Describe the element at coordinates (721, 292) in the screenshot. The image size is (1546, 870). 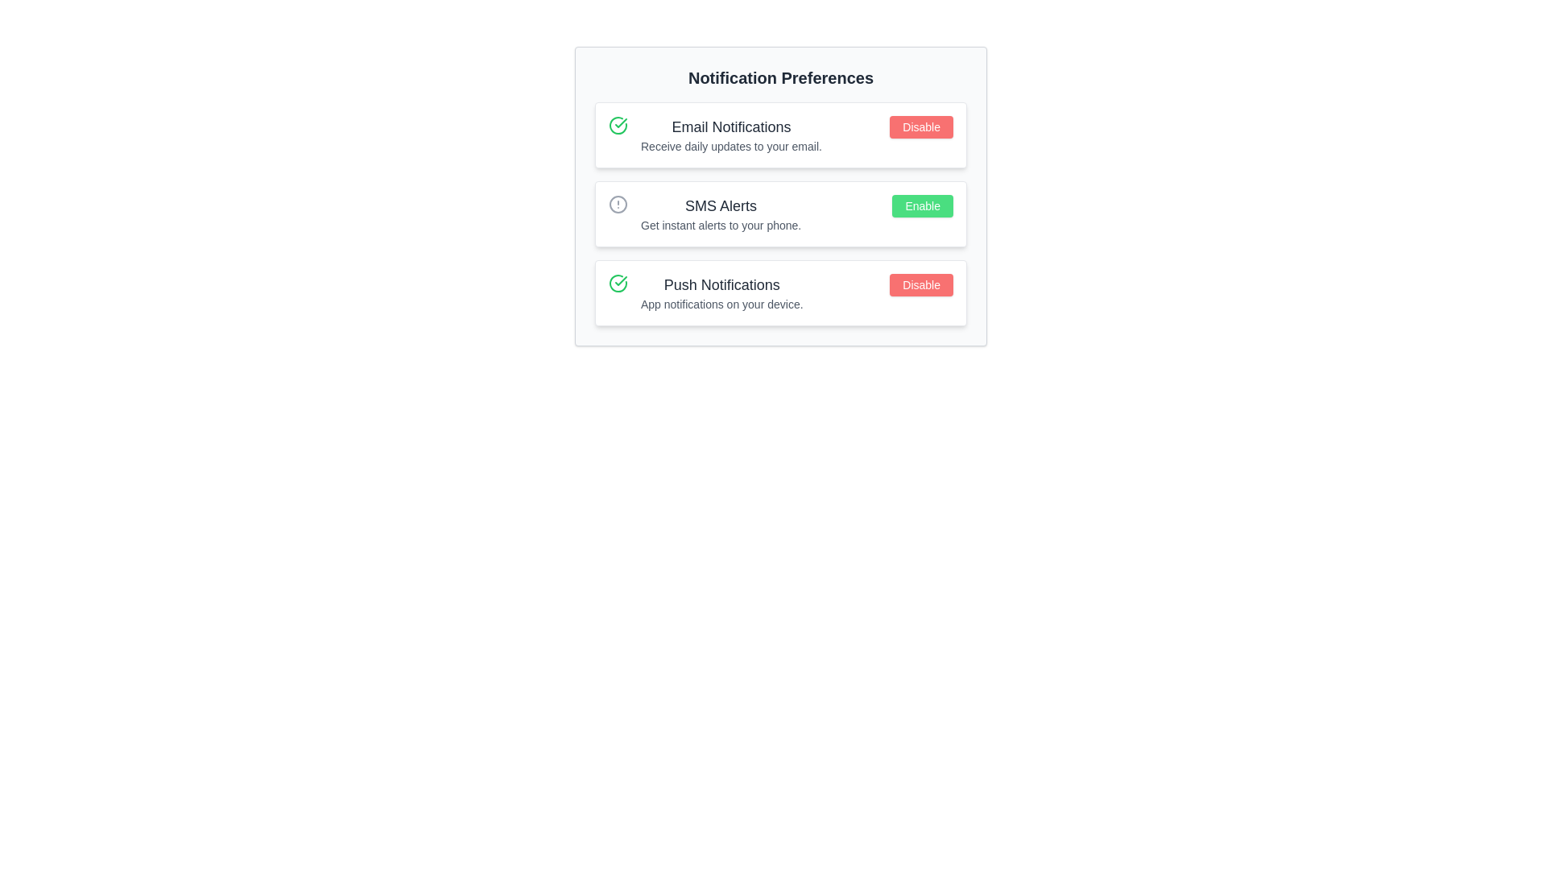
I see `the 'Push Notifications' text description in the Notification Preferences panel, which consists of two lines of text with the first line in bold and larger font` at that location.